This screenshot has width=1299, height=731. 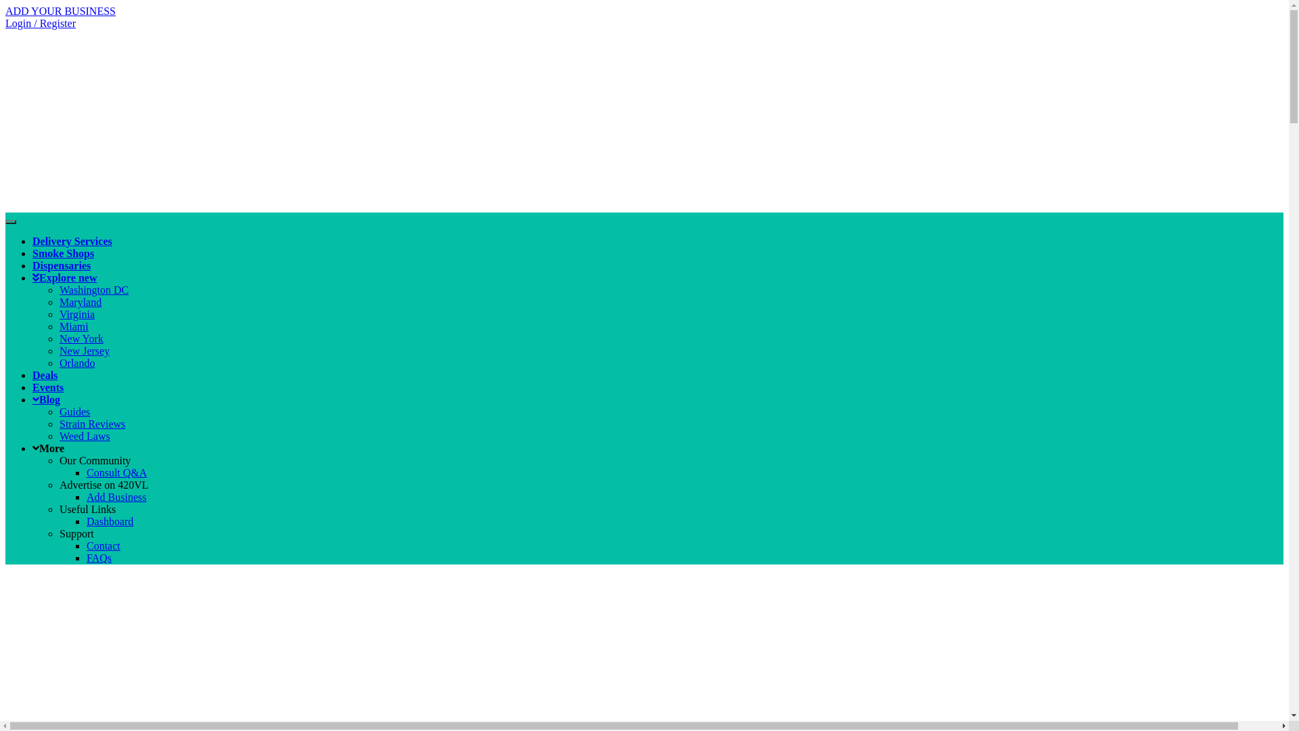 I want to click on 'Deals', so click(x=45, y=375).